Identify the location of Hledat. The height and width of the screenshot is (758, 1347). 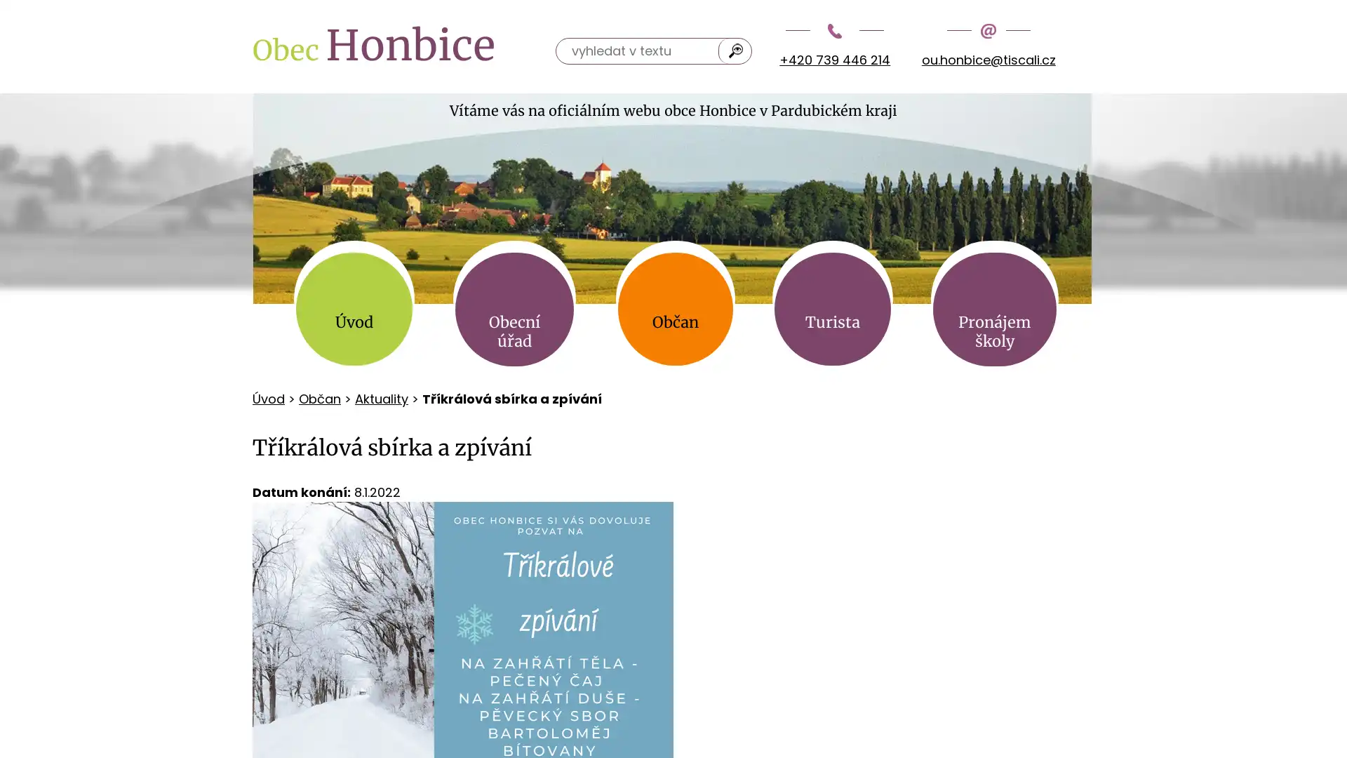
(735, 50).